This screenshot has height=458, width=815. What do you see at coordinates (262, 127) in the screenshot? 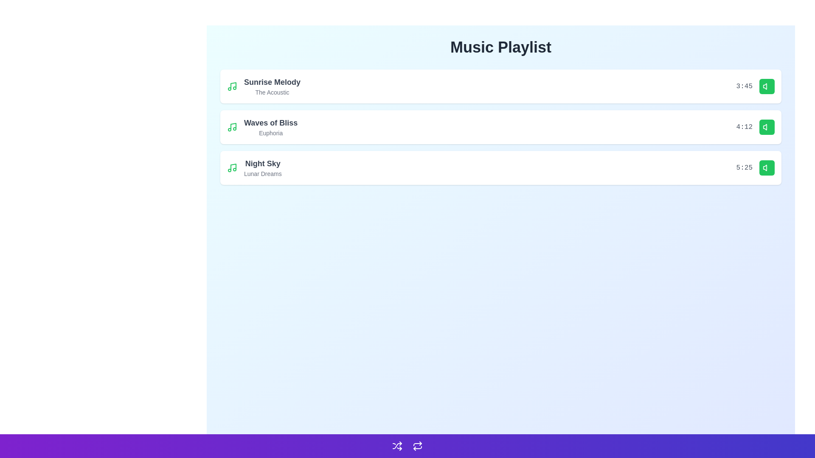
I see `the 'Waves of Bliss' text information block with the smaller 'Euphoria' text below it, which is accompanied by a green music note icon` at bounding box center [262, 127].